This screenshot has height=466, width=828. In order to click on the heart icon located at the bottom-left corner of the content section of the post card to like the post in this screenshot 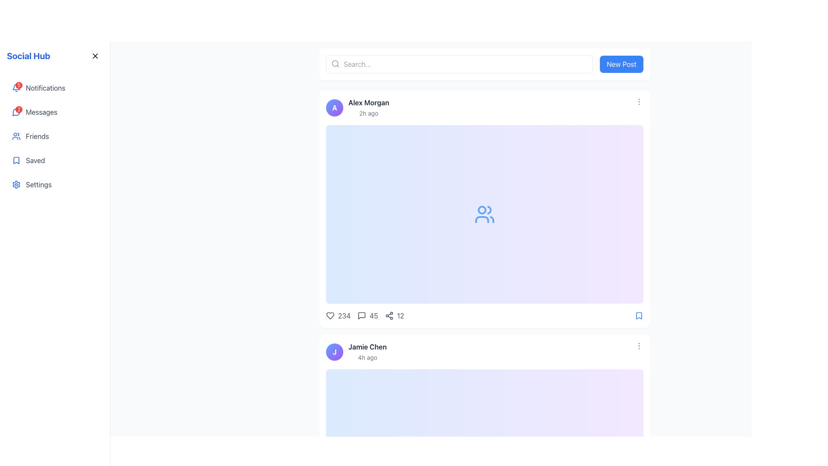, I will do `click(330, 316)`.